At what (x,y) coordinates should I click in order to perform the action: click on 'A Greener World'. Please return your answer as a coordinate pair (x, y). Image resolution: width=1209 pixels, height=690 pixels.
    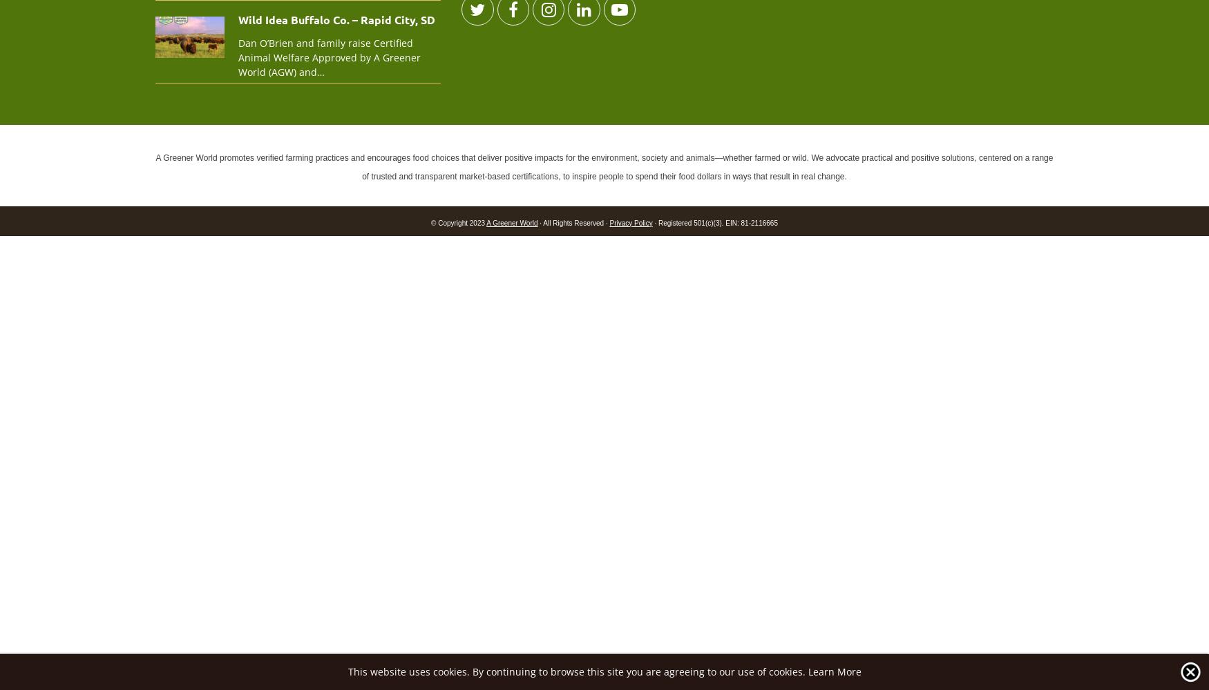
    Looking at the image, I should click on (511, 221).